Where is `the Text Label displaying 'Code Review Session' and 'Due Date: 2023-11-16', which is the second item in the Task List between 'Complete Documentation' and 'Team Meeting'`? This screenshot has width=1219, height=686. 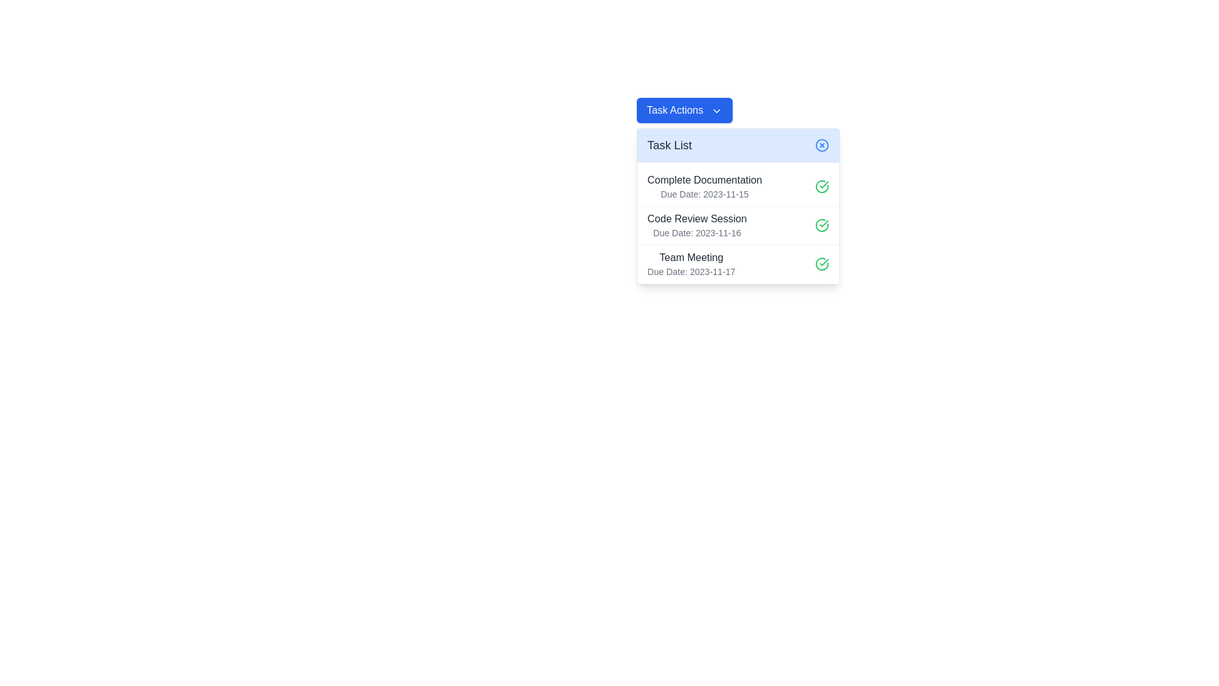
the Text Label displaying 'Code Review Session' and 'Due Date: 2023-11-16', which is the second item in the Task List between 'Complete Documentation' and 'Team Meeting' is located at coordinates (696, 224).